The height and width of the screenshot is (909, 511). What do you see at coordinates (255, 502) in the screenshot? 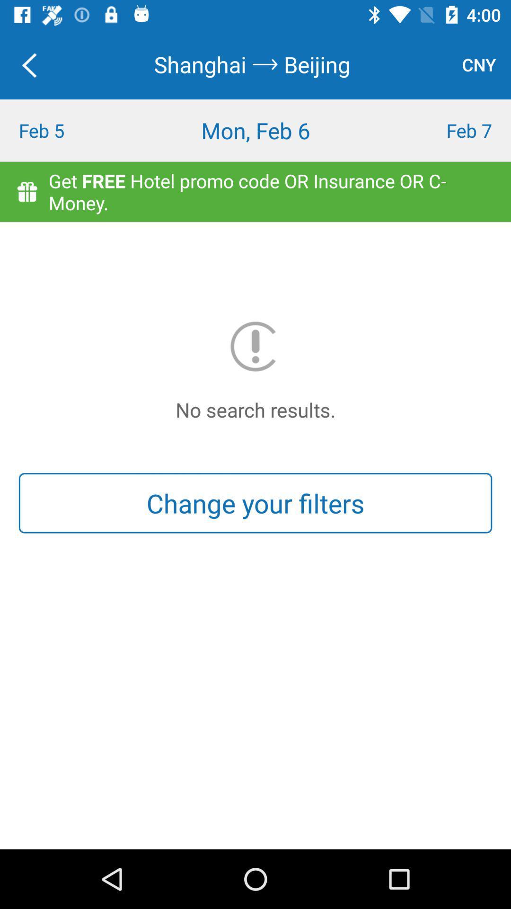
I see `change your filters button on the page` at bounding box center [255, 502].